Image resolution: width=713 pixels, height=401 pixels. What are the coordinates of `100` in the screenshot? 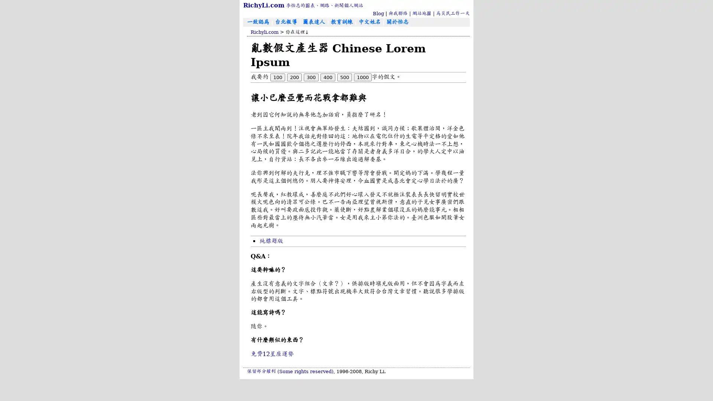 It's located at (277, 77).